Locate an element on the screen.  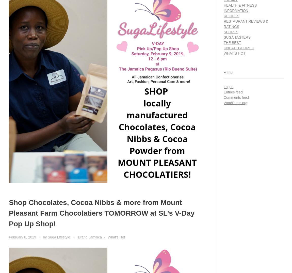
'Log in' is located at coordinates (228, 86).